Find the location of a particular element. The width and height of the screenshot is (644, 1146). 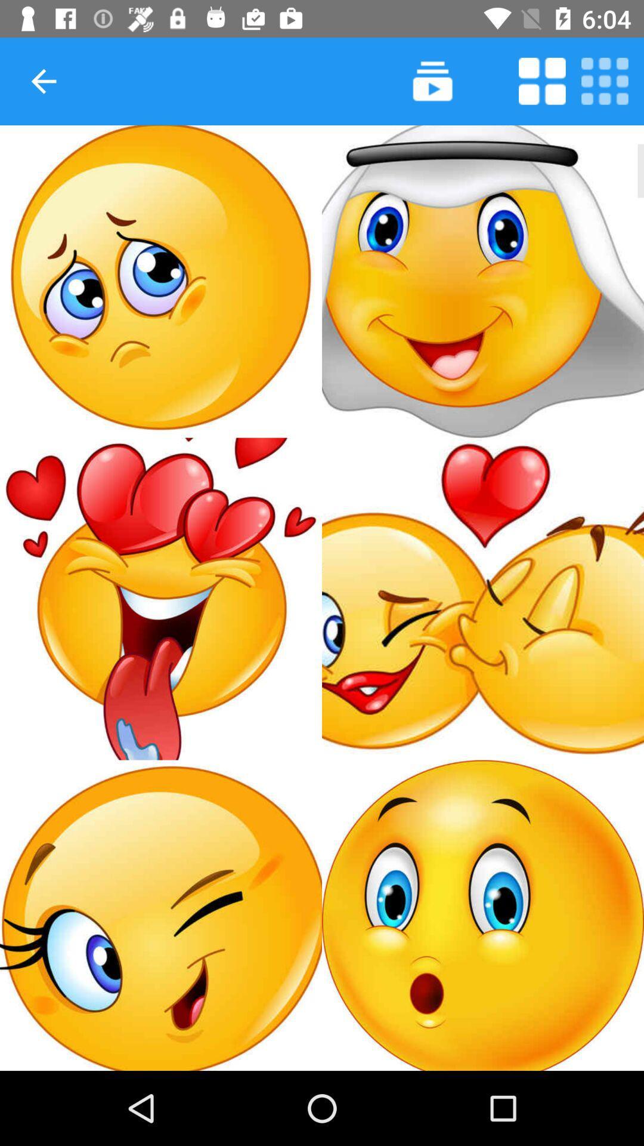

emoji is located at coordinates (483, 281).